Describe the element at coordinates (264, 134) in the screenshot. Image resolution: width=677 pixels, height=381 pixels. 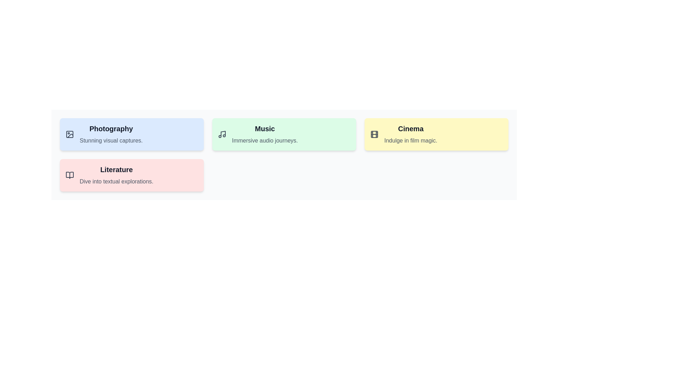
I see `the Text Display element that features the heading 'Music' and the description 'Immersive audio journeys' for potential interaction effects` at that location.